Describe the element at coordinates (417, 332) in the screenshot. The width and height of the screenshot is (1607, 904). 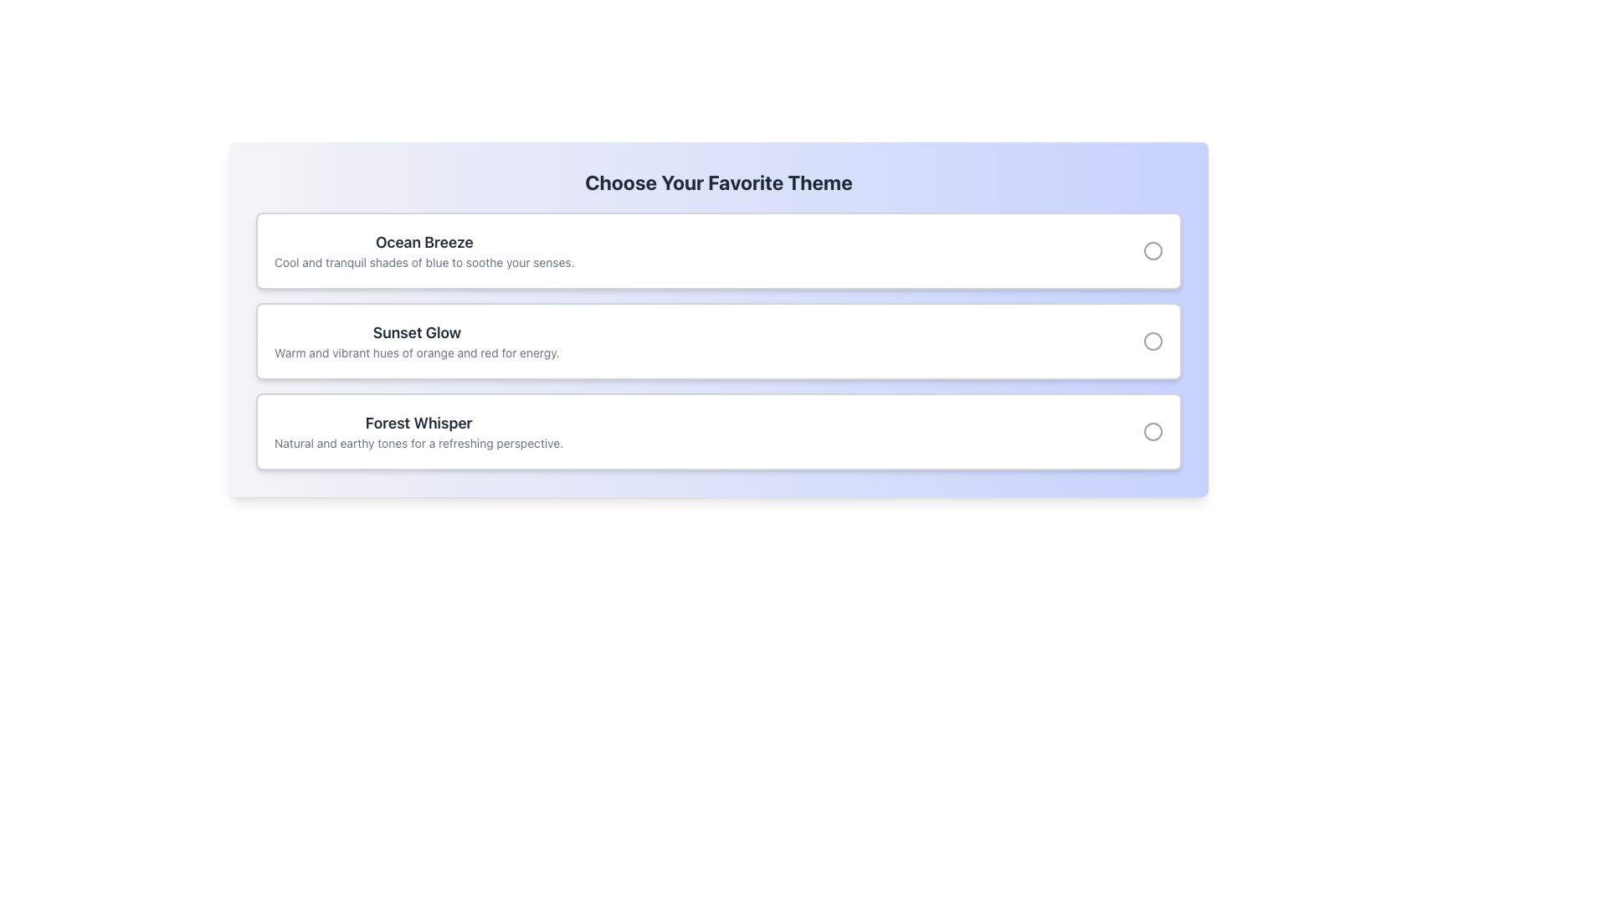
I see `the 'Sunset Glow' text label, which serves as the title for this theme option in the selection list` at that location.